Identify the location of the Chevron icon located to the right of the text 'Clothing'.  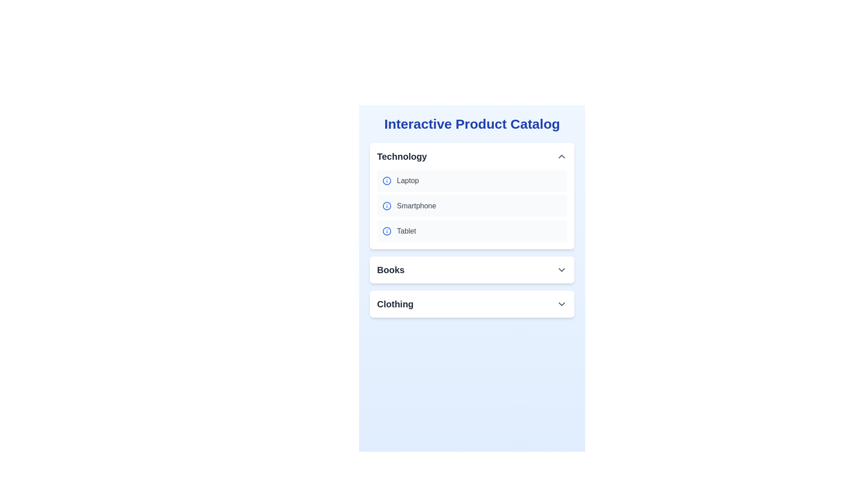
(561, 304).